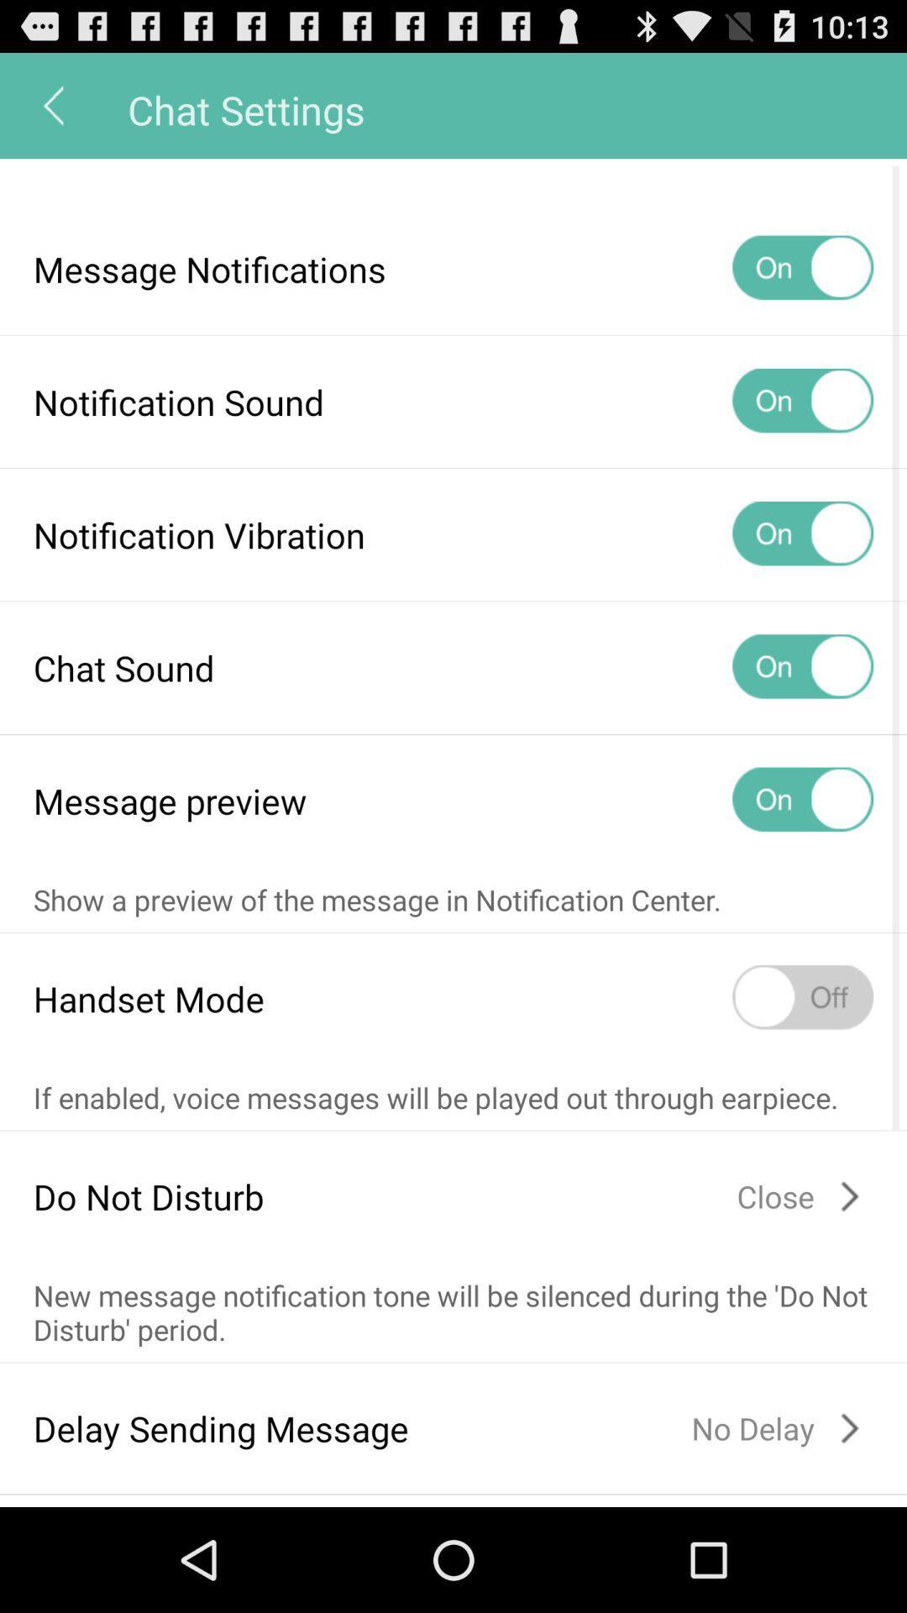  I want to click on the on button which is right to the text notification sound, so click(802, 401).